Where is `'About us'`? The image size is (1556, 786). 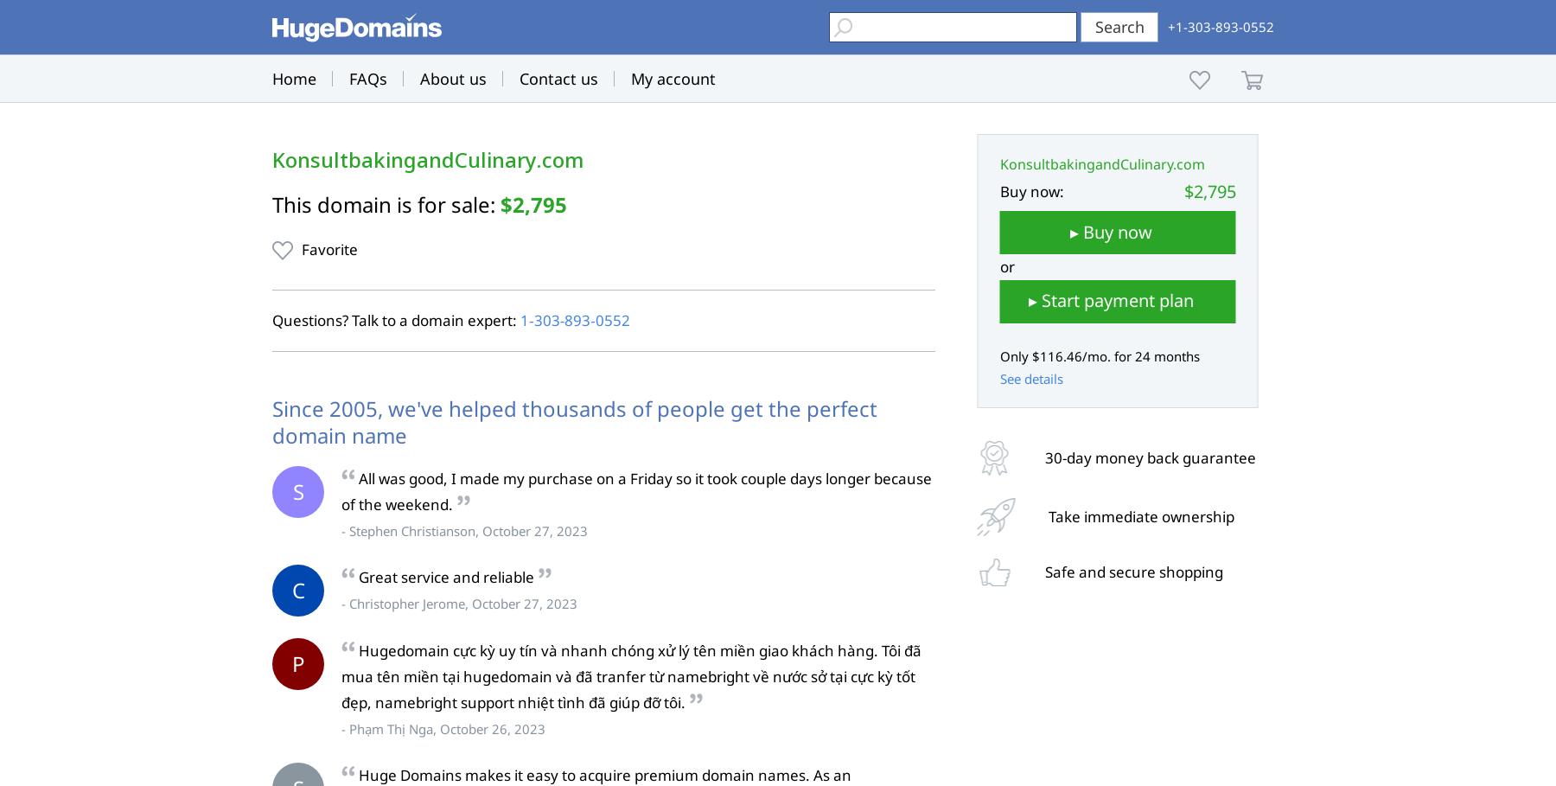 'About us' is located at coordinates (452, 77).